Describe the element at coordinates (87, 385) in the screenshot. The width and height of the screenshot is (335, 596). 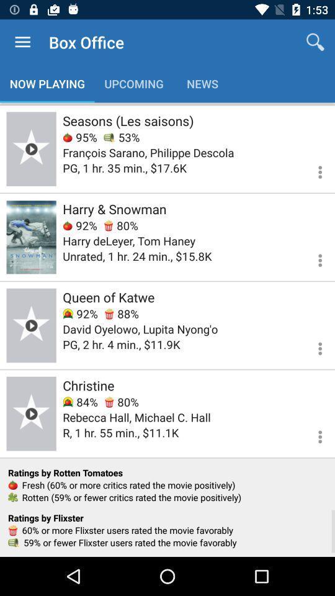
I see `item above 84%` at that location.